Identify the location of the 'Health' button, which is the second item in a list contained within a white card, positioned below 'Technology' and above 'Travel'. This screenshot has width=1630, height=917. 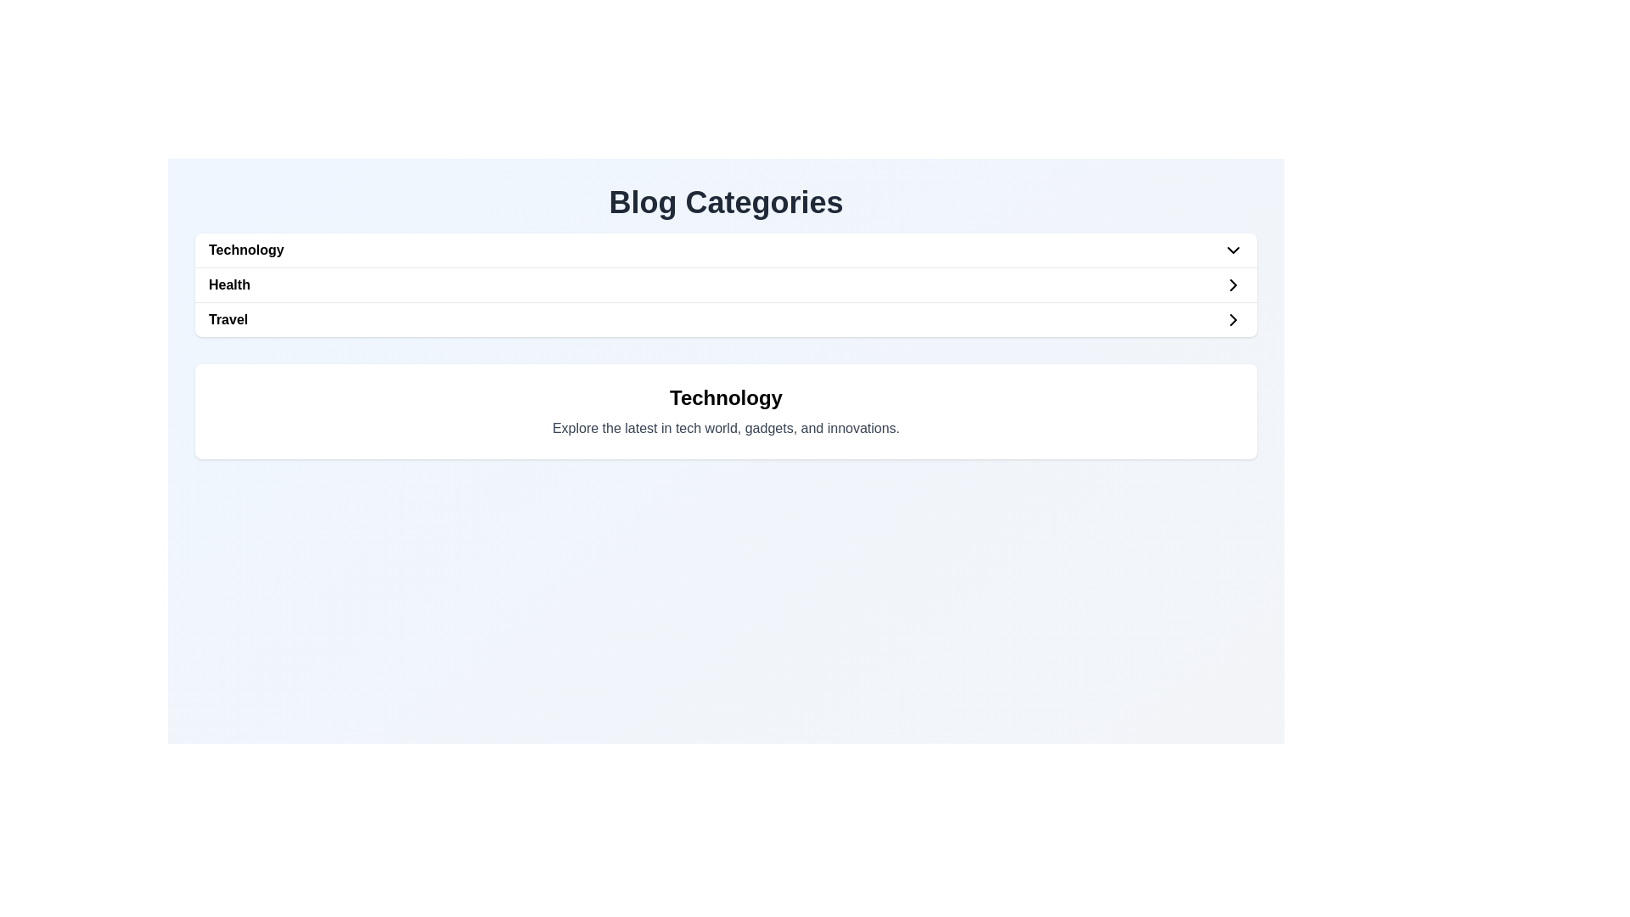
(726, 284).